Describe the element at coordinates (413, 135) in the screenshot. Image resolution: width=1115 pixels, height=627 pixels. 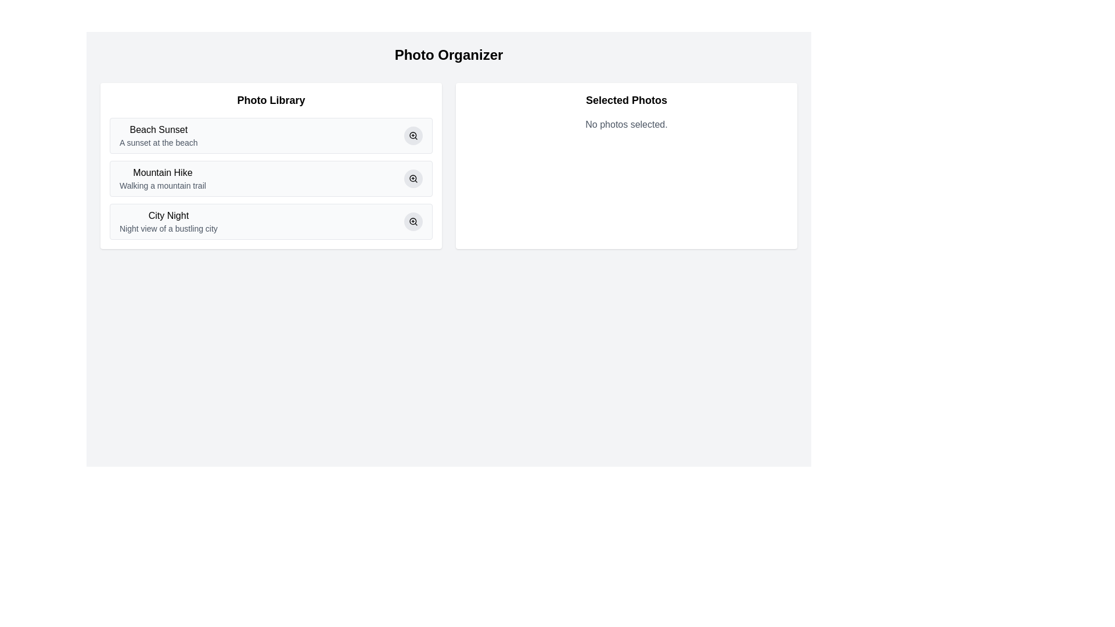
I see `the circular part of the magnifier icon located at the top right corner of the first item in the 'Photo Library' section` at that location.